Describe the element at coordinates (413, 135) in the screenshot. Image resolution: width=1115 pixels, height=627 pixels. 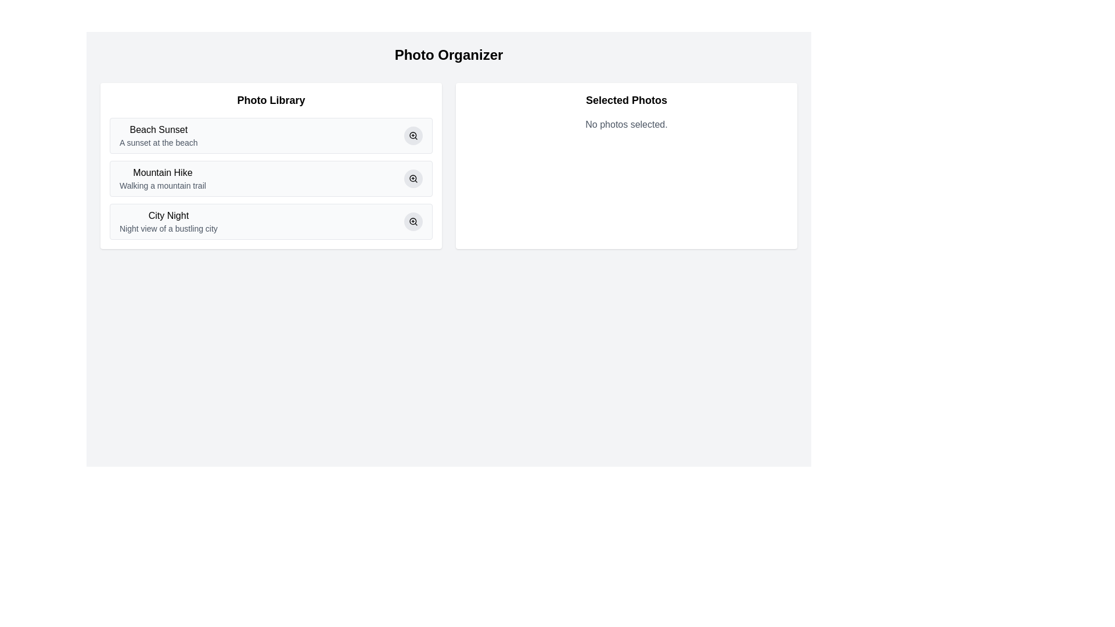
I see `the circular part of the magnifier icon located at the top right corner of the first item in the 'Photo Library' section` at that location.